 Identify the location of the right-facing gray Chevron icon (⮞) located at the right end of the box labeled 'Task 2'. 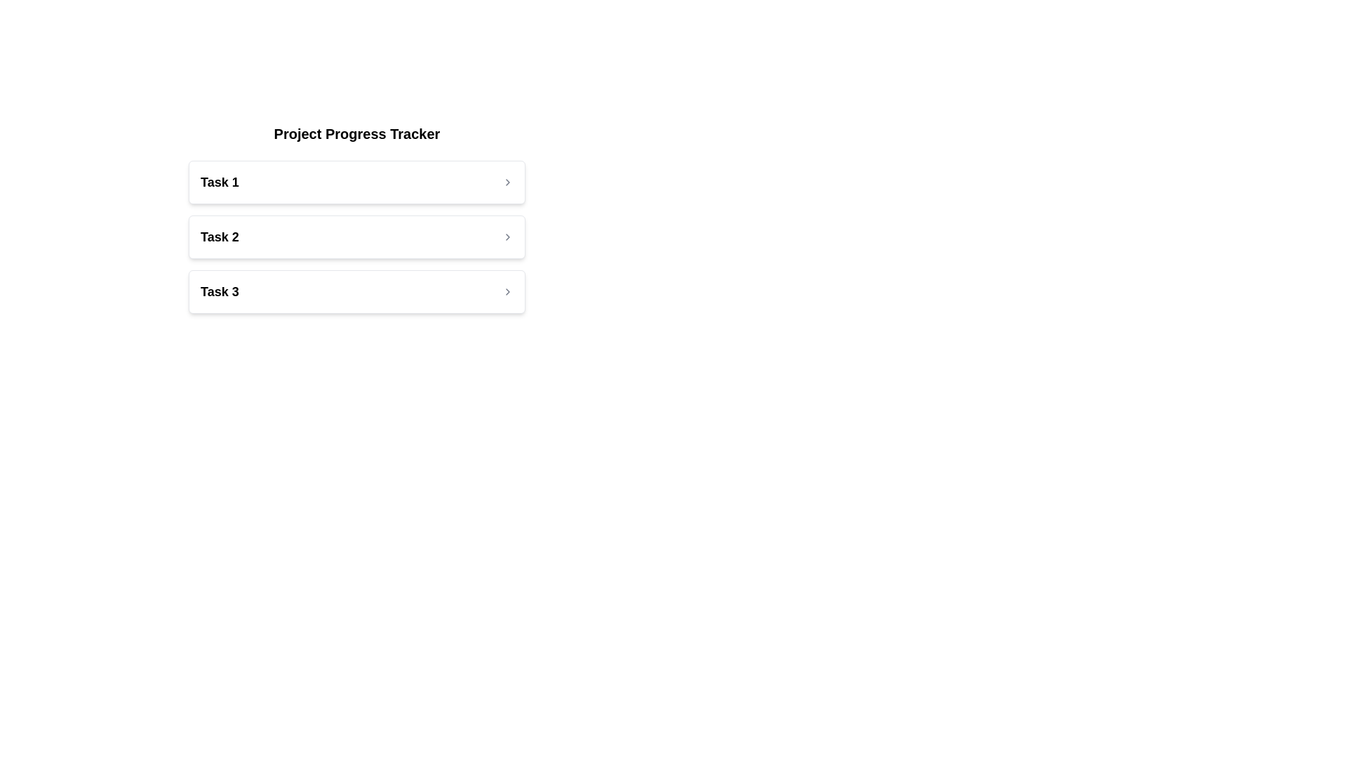
(507, 237).